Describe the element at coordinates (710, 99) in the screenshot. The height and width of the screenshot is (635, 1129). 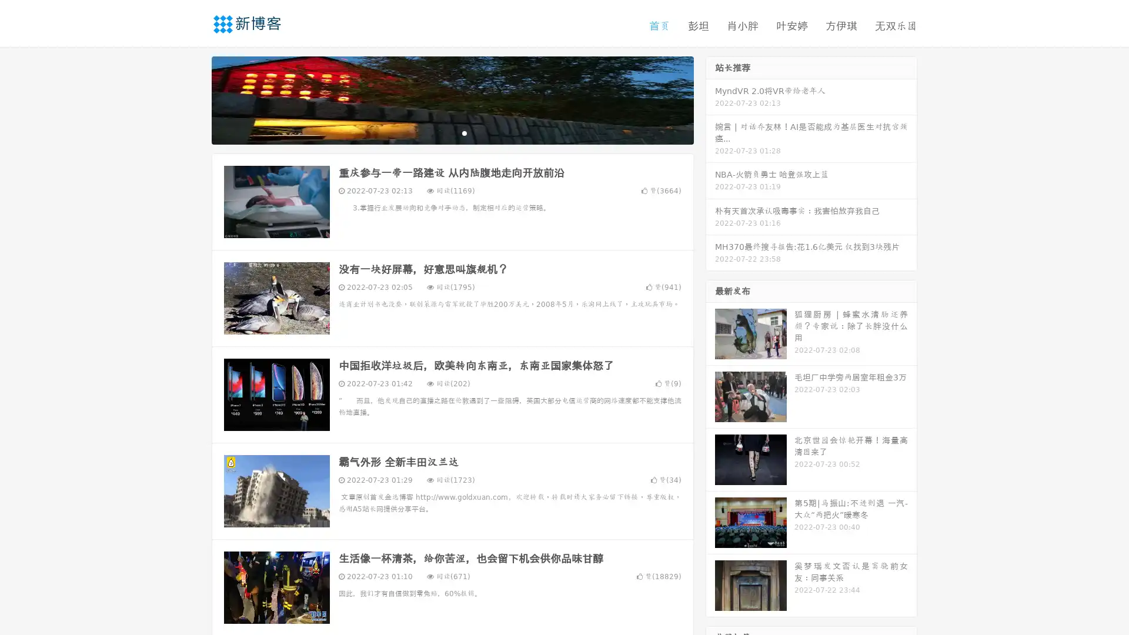
I see `Next slide` at that location.